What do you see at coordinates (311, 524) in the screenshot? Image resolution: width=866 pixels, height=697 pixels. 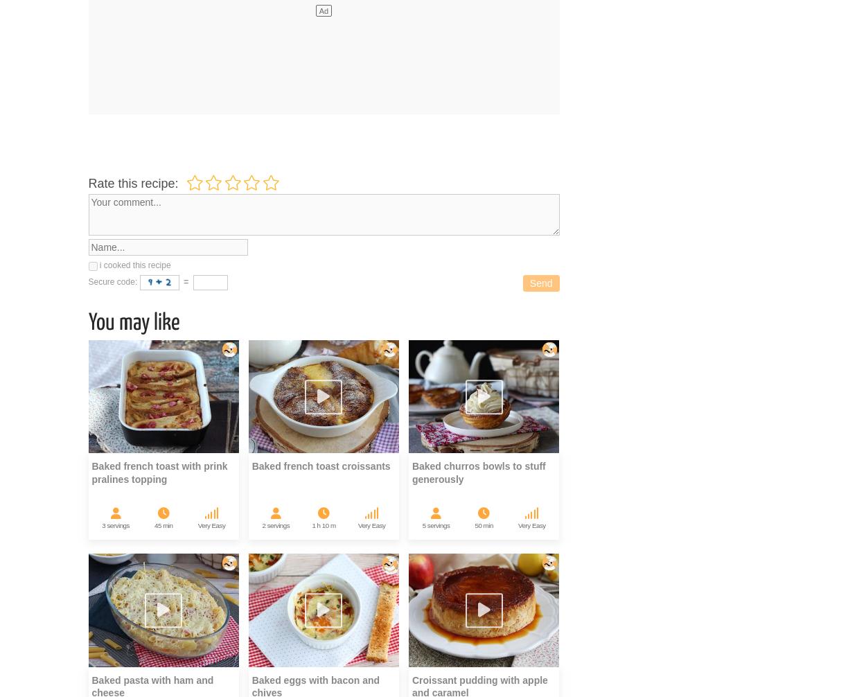 I see `'1 h 10 m'` at bounding box center [311, 524].